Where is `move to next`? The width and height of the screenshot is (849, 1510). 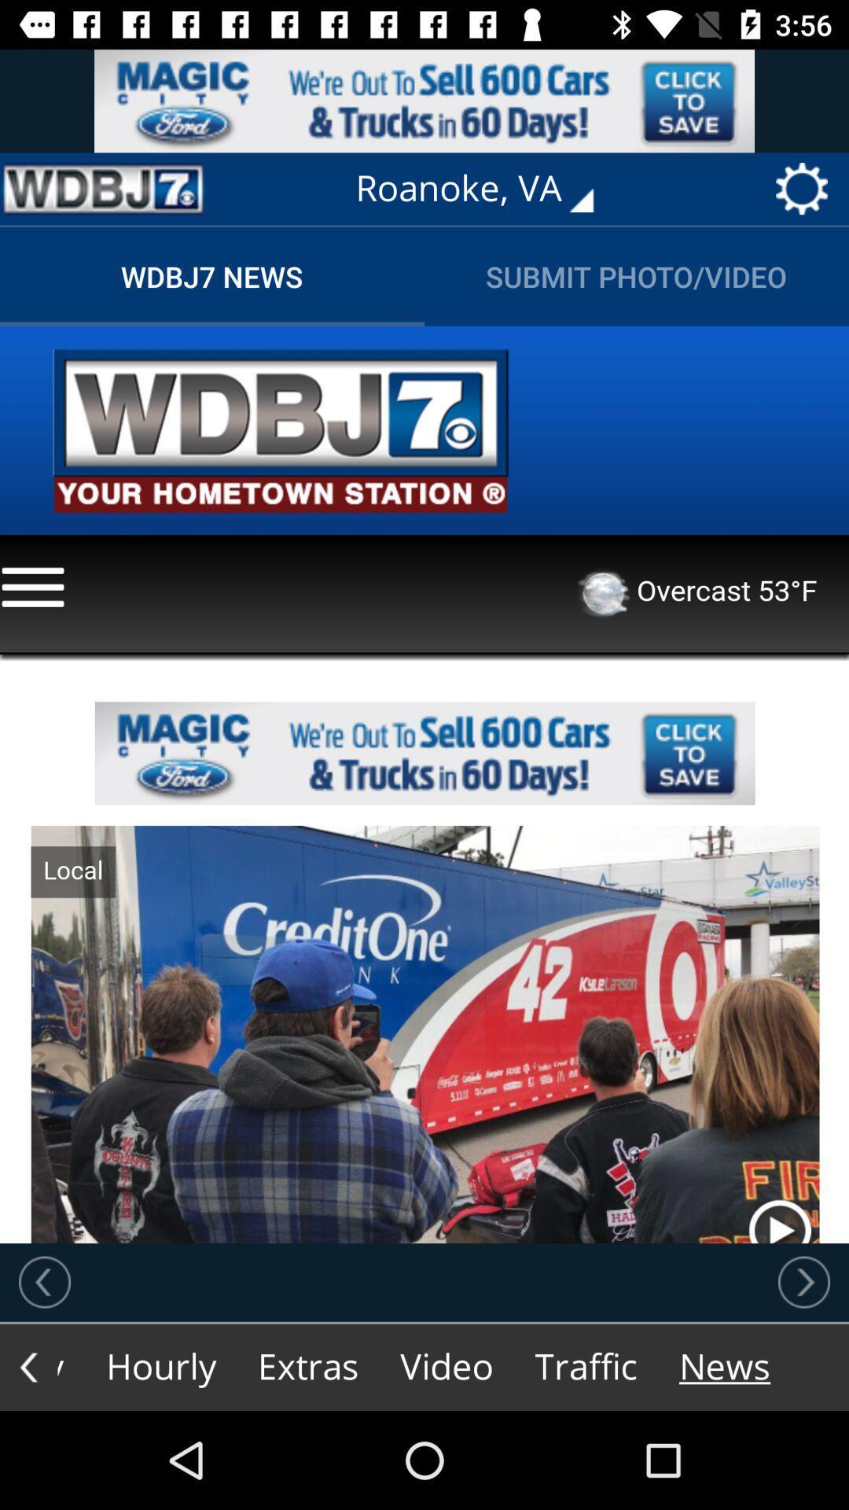
move to next is located at coordinates (803, 1282).